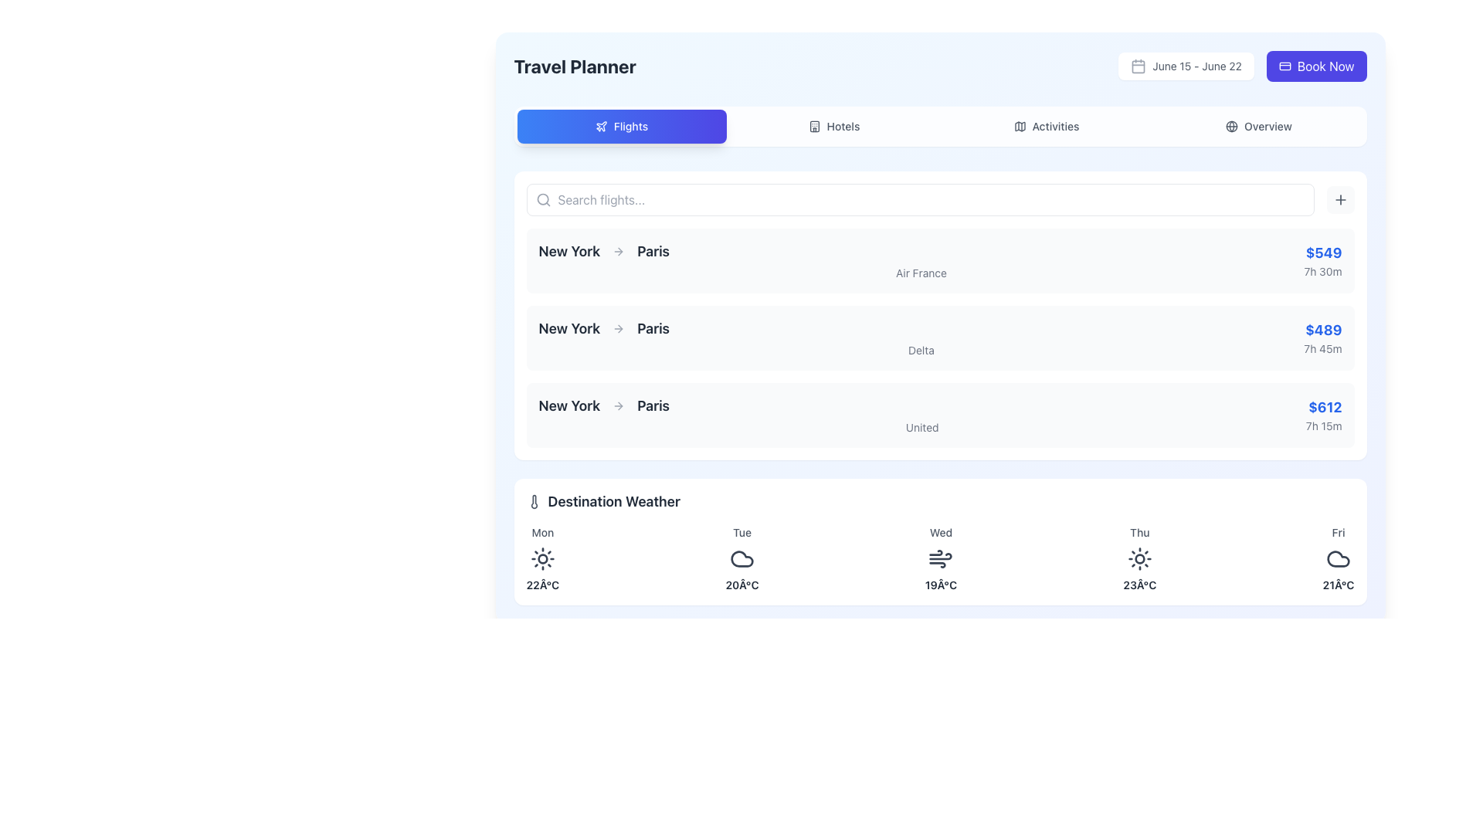  I want to click on the 'Flights' icon located at the beginning of the 'Flights' text label in the navigation bar, so click(600, 125).